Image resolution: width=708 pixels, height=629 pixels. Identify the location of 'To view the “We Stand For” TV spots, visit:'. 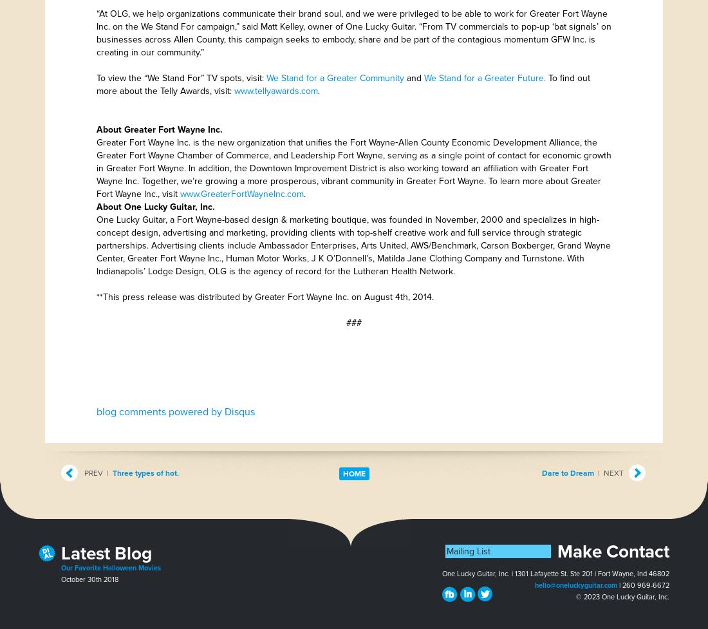
(181, 78).